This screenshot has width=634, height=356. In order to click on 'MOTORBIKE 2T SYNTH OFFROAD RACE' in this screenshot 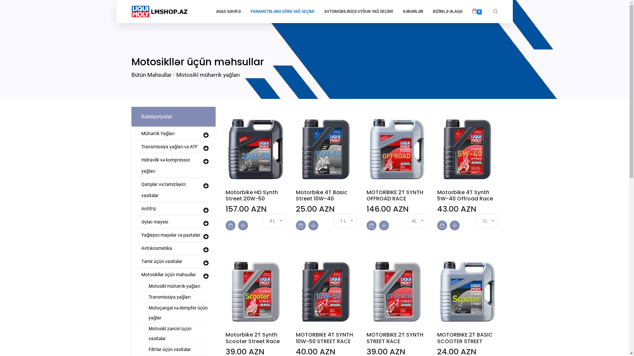, I will do `click(396, 195)`.